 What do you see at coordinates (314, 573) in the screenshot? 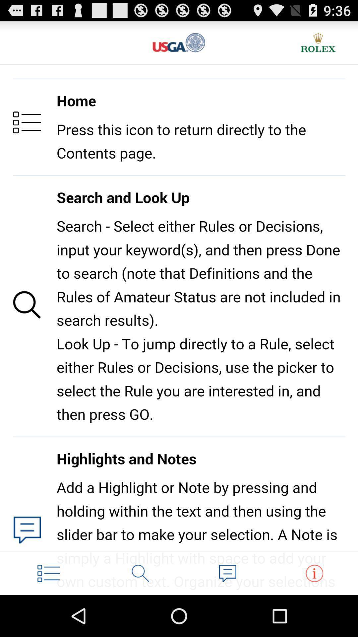
I see `click details` at bounding box center [314, 573].